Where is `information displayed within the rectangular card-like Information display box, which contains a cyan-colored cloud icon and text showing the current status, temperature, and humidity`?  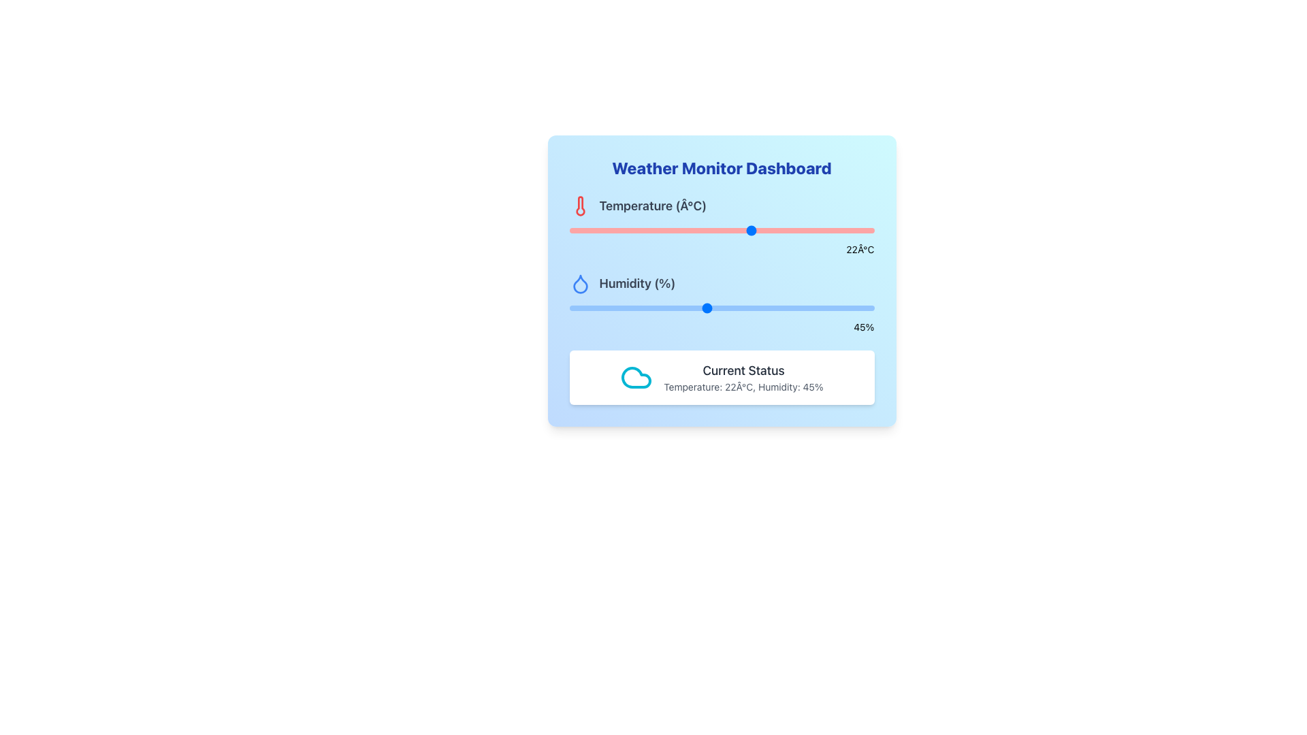 information displayed within the rectangular card-like Information display box, which contains a cyan-colored cloud icon and text showing the current status, temperature, and humidity is located at coordinates (721, 378).